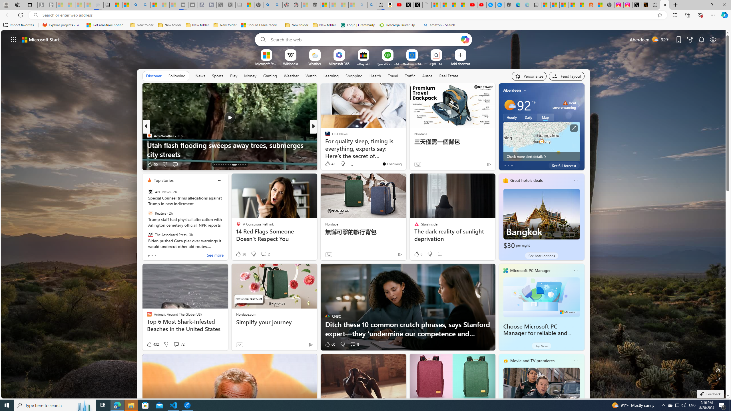 Image resolution: width=731 pixels, height=411 pixels. Describe the element at coordinates (291, 75) in the screenshot. I see `'Weather'` at that location.